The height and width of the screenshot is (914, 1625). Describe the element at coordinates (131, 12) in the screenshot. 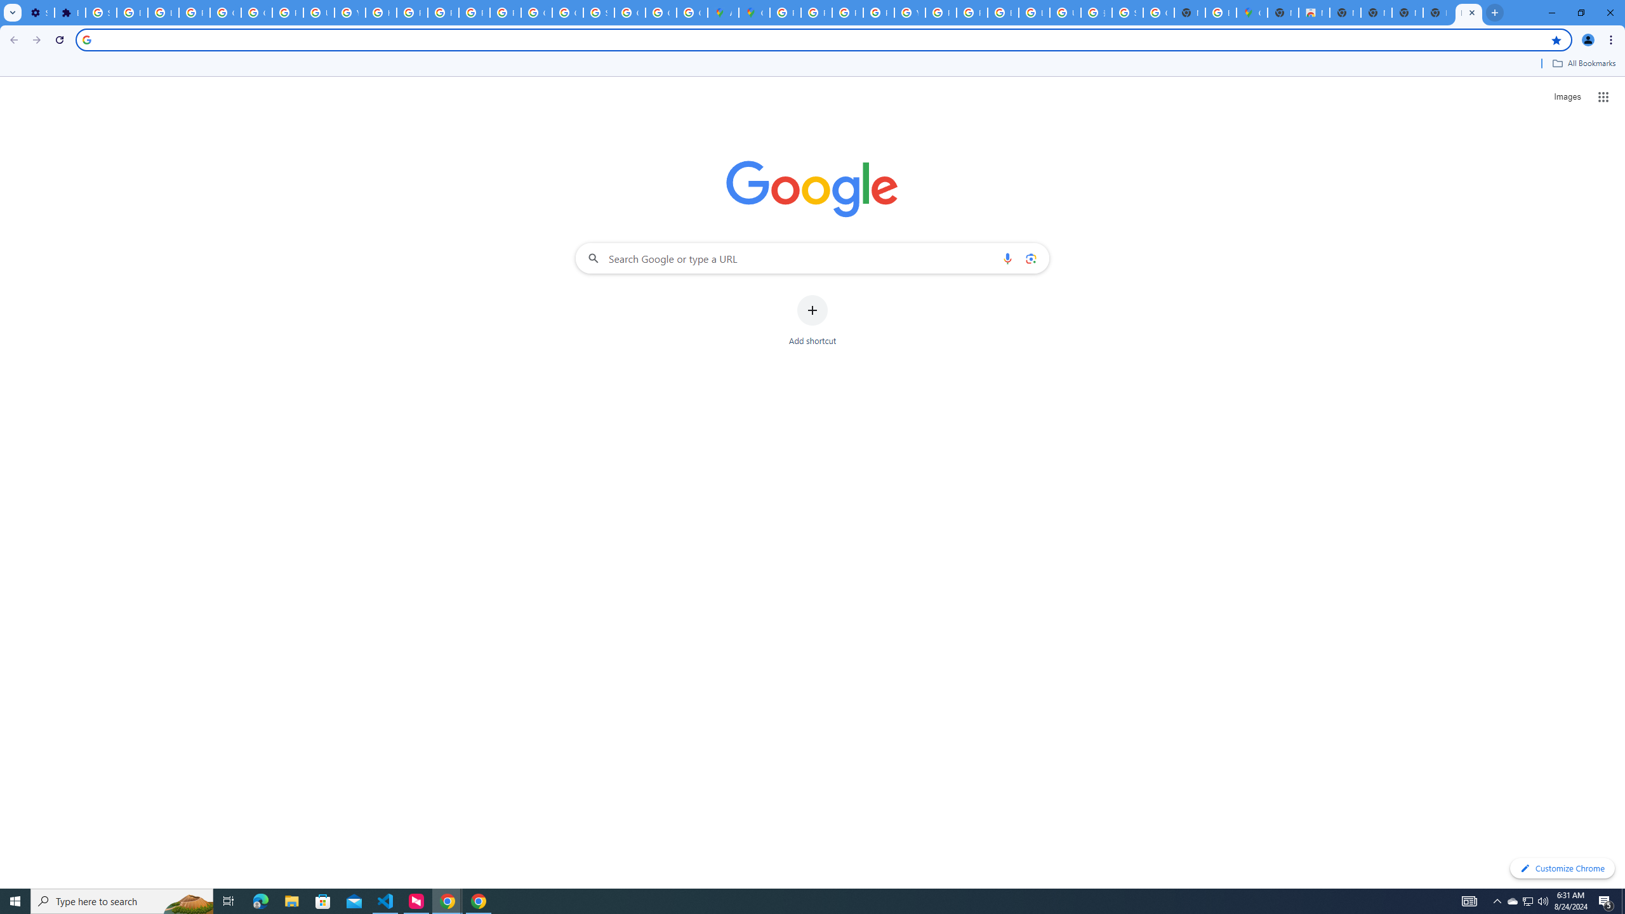

I see `'Delete photos & videos - Computer - Google Photos Help'` at that location.